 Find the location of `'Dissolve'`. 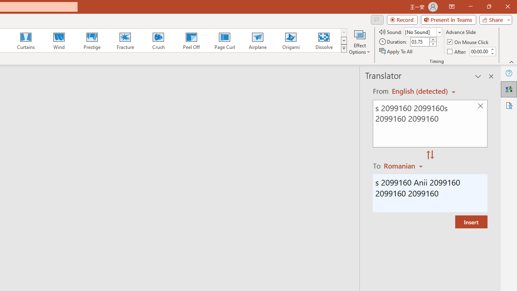

'Dissolve' is located at coordinates (324, 40).